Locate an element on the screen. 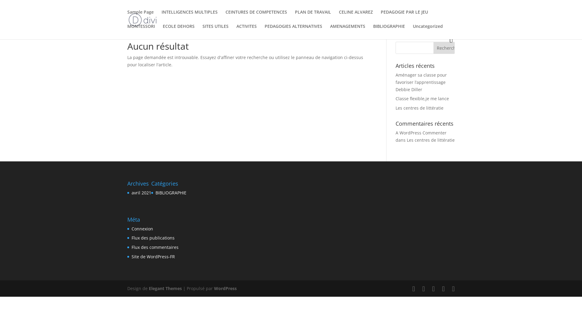 This screenshot has width=582, height=327. 'Connexion' is located at coordinates (131, 229).